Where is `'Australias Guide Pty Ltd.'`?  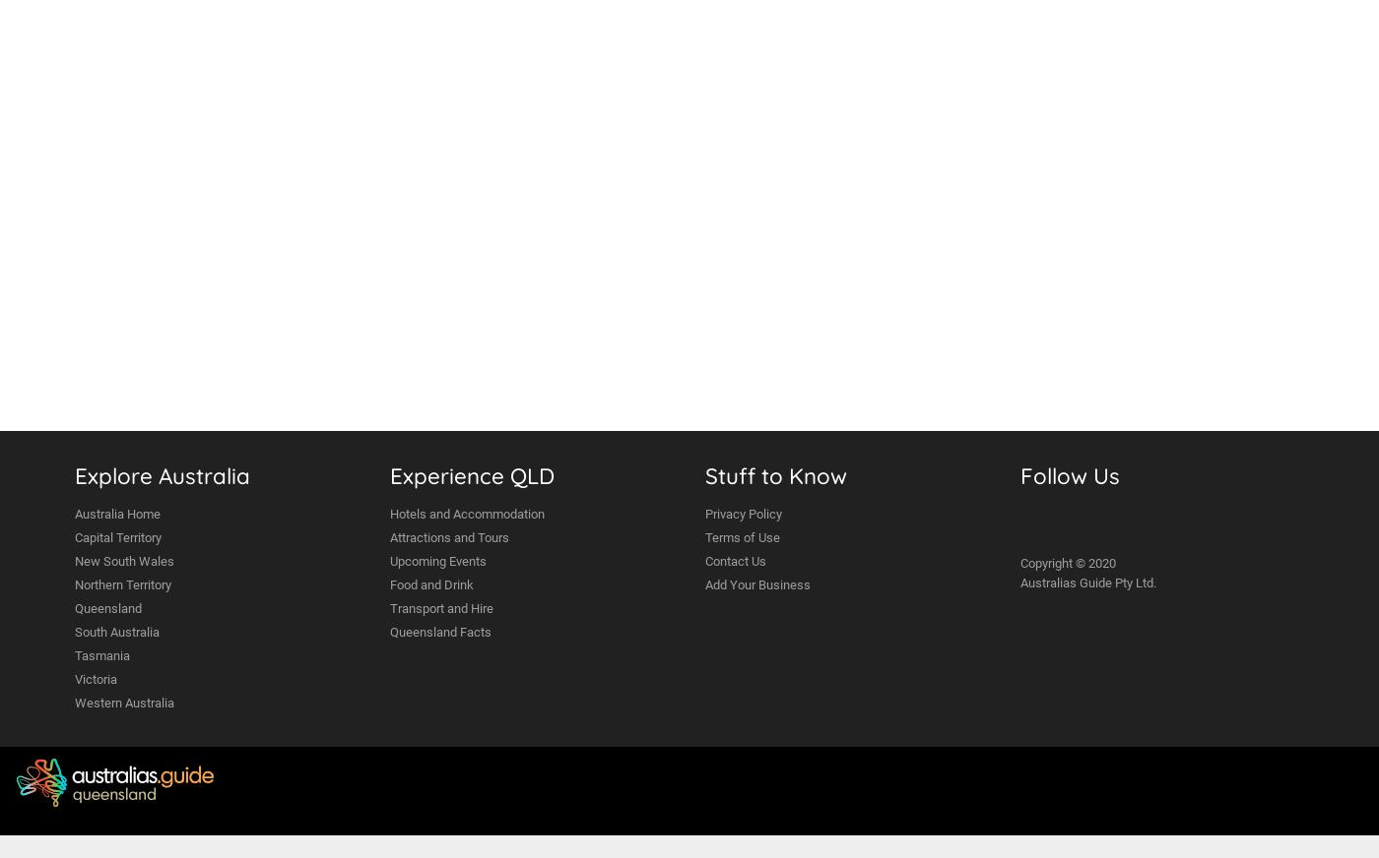
'Australias Guide Pty Ltd.' is located at coordinates (1020, 582).